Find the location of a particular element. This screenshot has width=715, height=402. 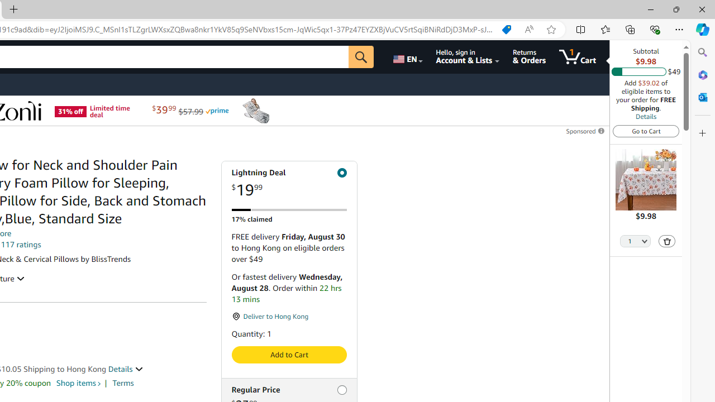

'Hello, sign in Account & Lists' is located at coordinates (468, 56).